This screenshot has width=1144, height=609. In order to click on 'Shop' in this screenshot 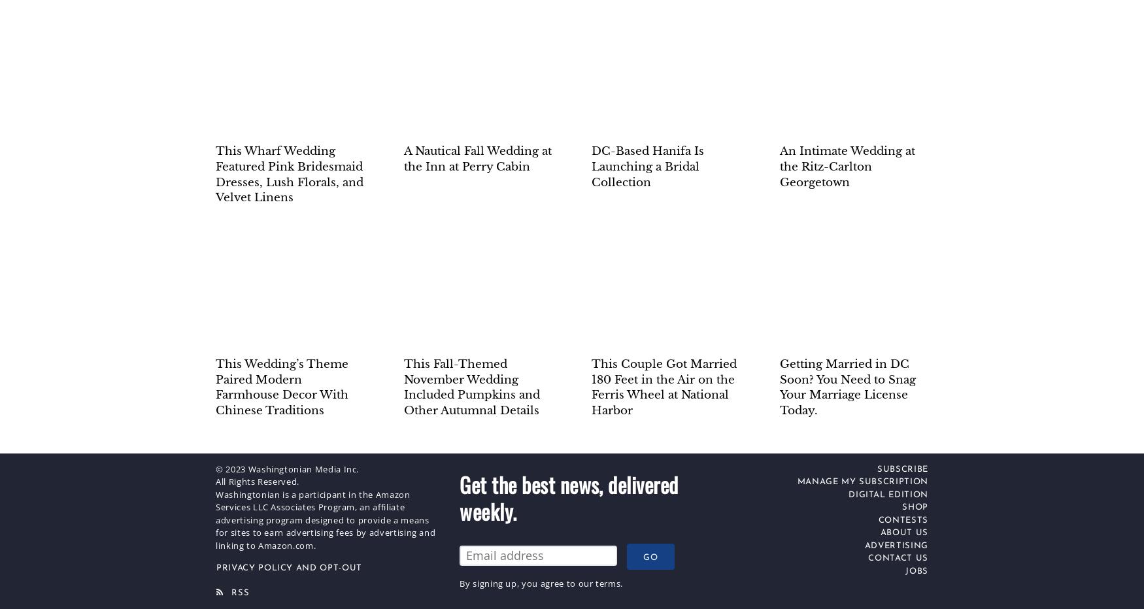, I will do `click(914, 507)`.